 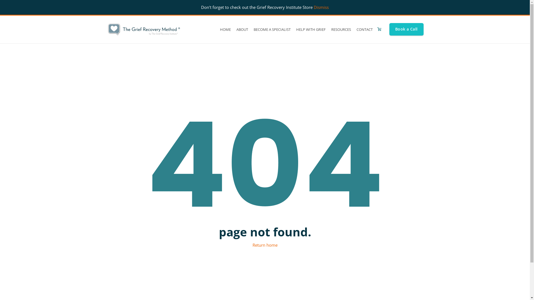 What do you see at coordinates (234, 29) in the screenshot?
I see `'ABOUT'` at bounding box center [234, 29].